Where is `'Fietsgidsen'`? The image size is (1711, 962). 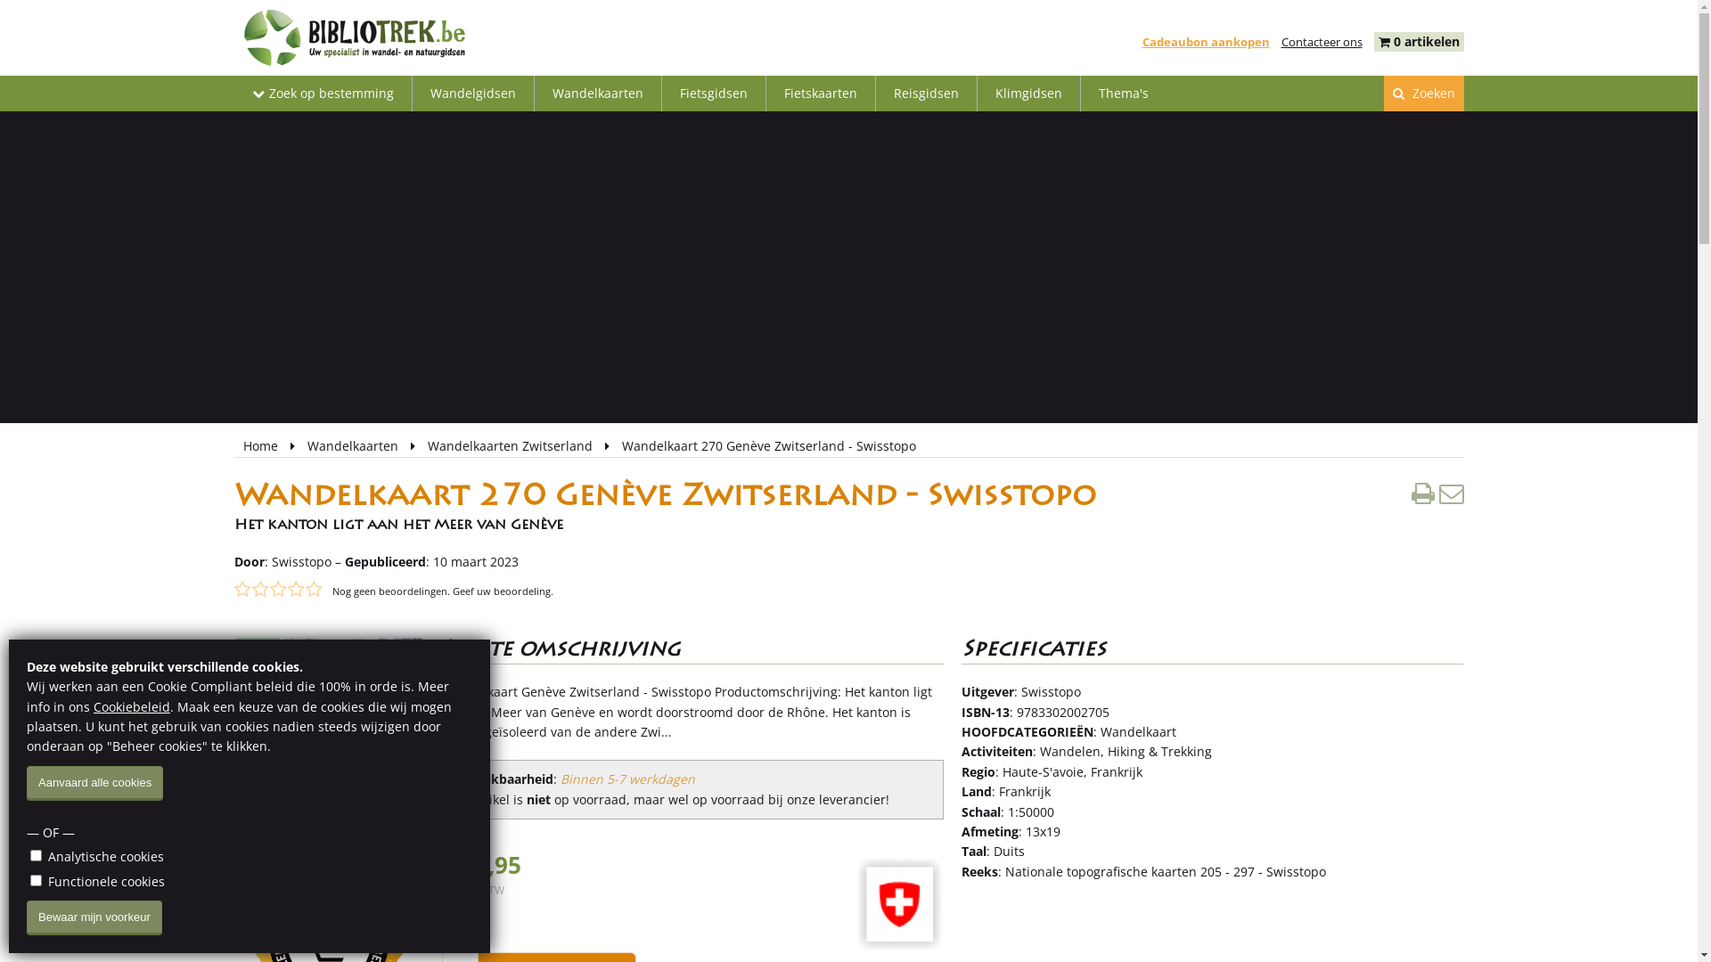 'Fietsgidsen' is located at coordinates (713, 93).